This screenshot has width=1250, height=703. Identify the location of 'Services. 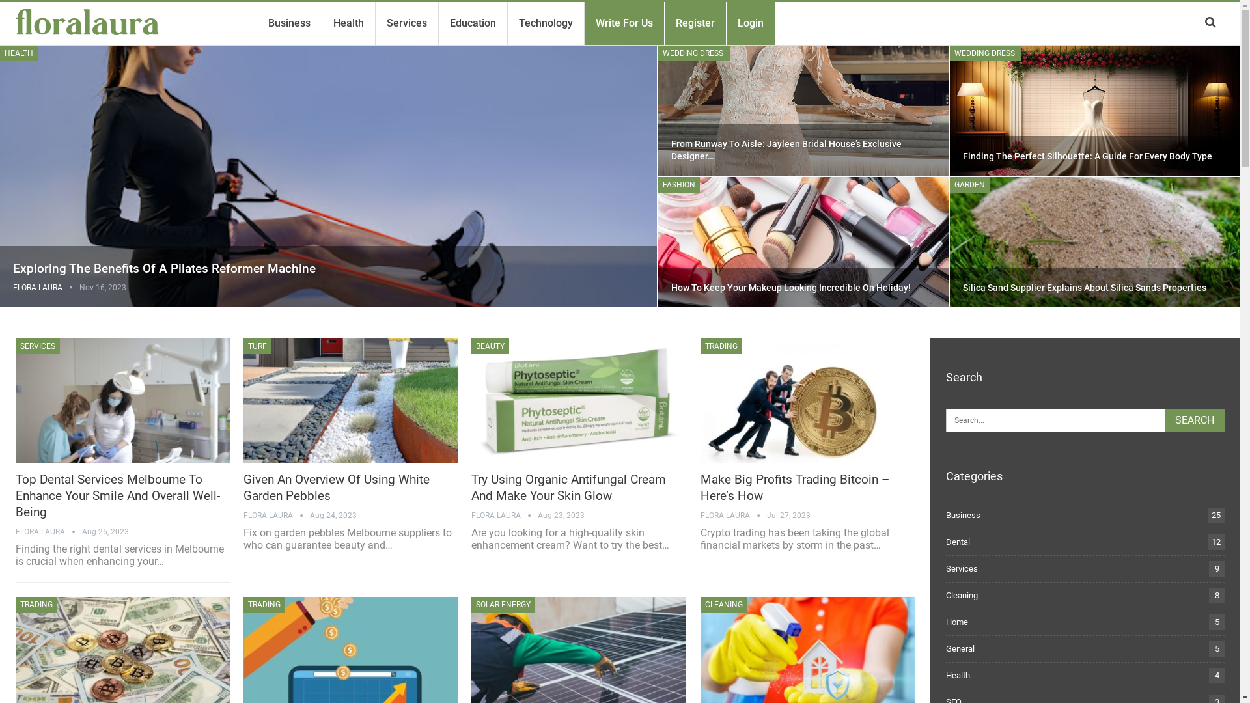
(962, 568).